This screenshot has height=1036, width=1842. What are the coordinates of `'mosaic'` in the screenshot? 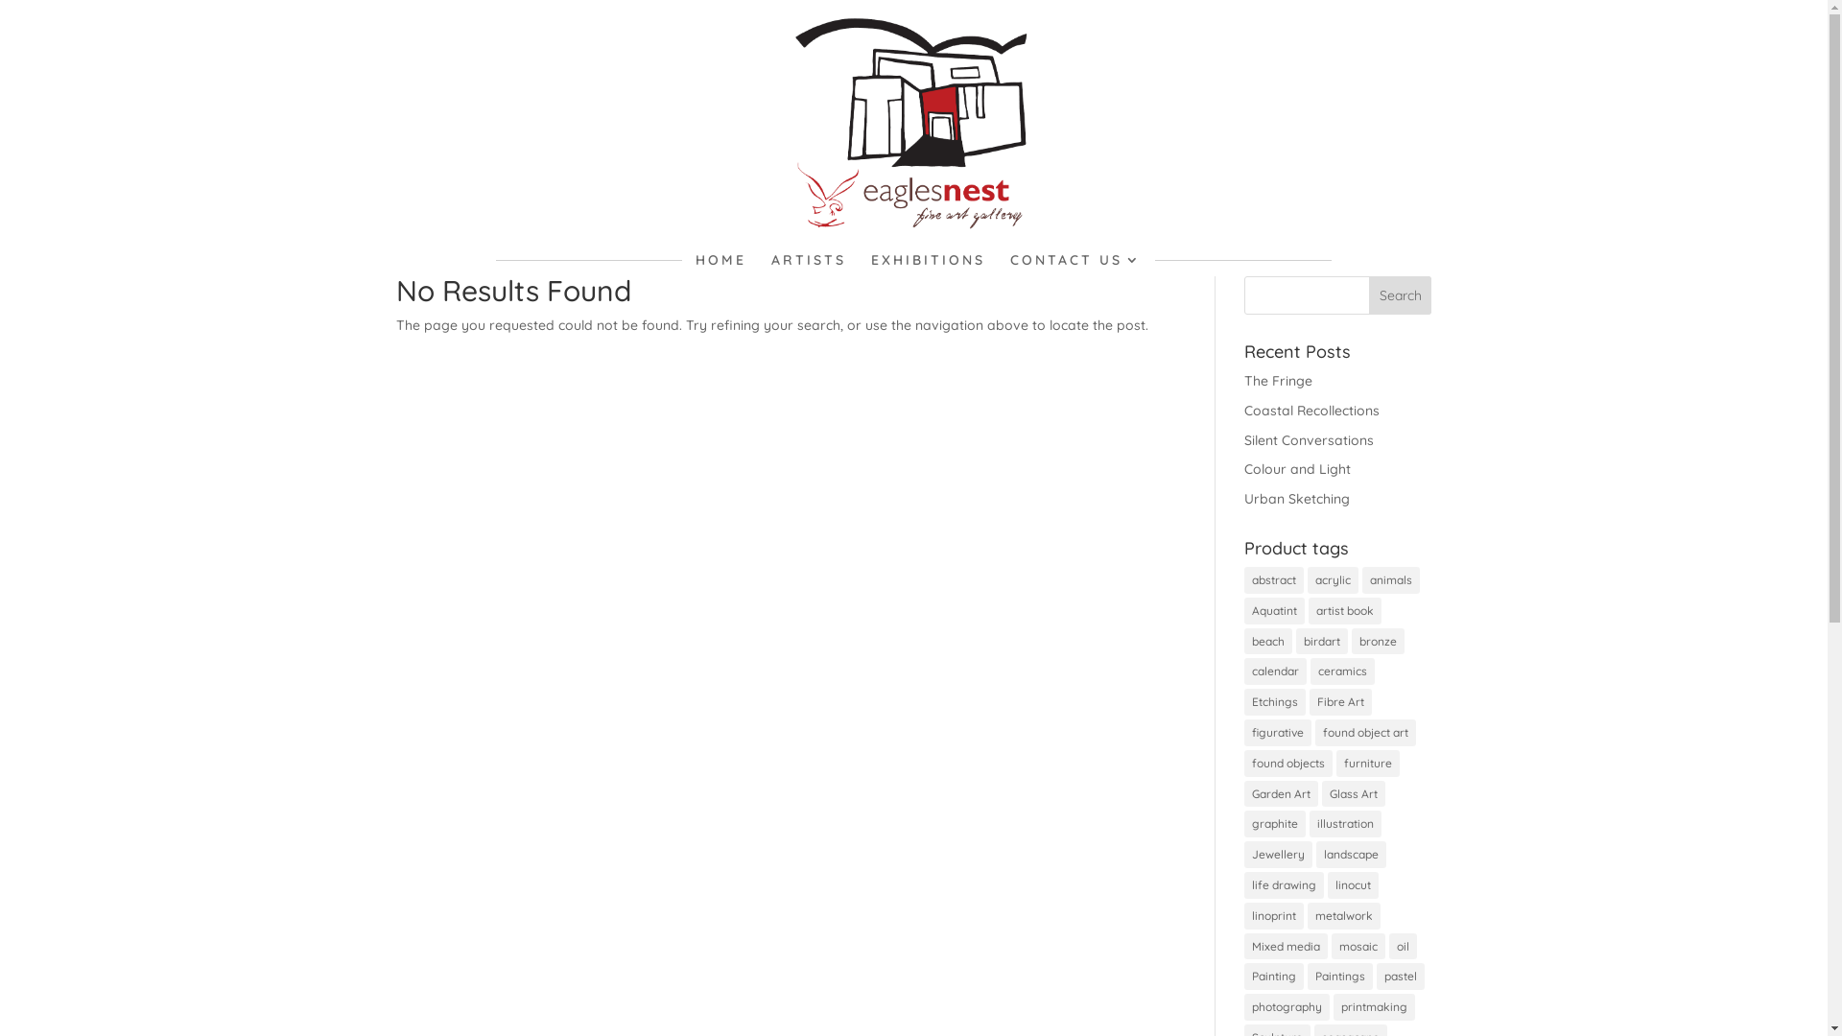 It's located at (1358, 946).